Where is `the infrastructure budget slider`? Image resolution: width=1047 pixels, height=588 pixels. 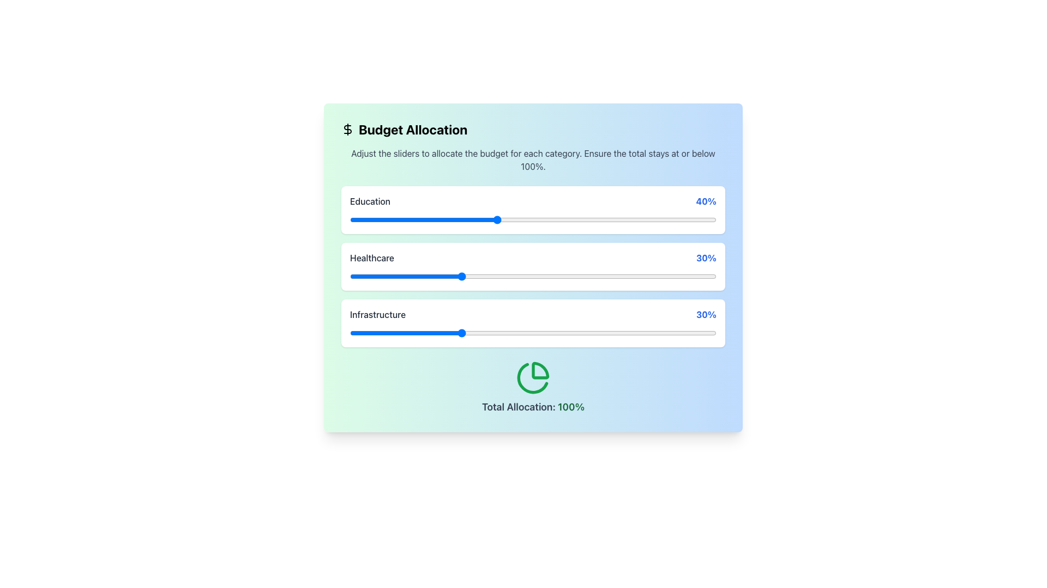 the infrastructure budget slider is located at coordinates (390, 333).